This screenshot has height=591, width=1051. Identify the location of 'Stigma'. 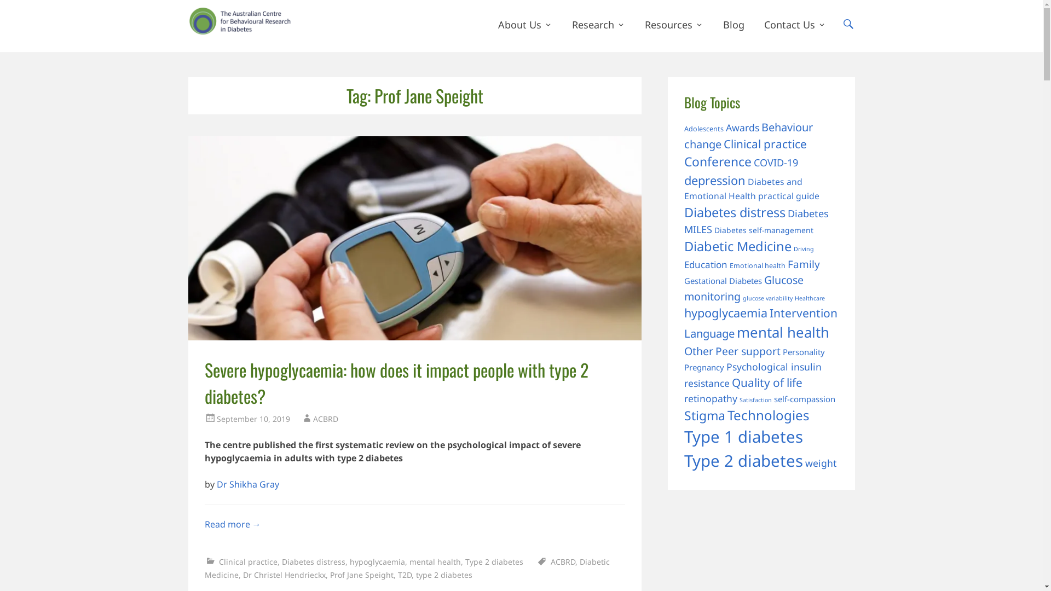
(704, 415).